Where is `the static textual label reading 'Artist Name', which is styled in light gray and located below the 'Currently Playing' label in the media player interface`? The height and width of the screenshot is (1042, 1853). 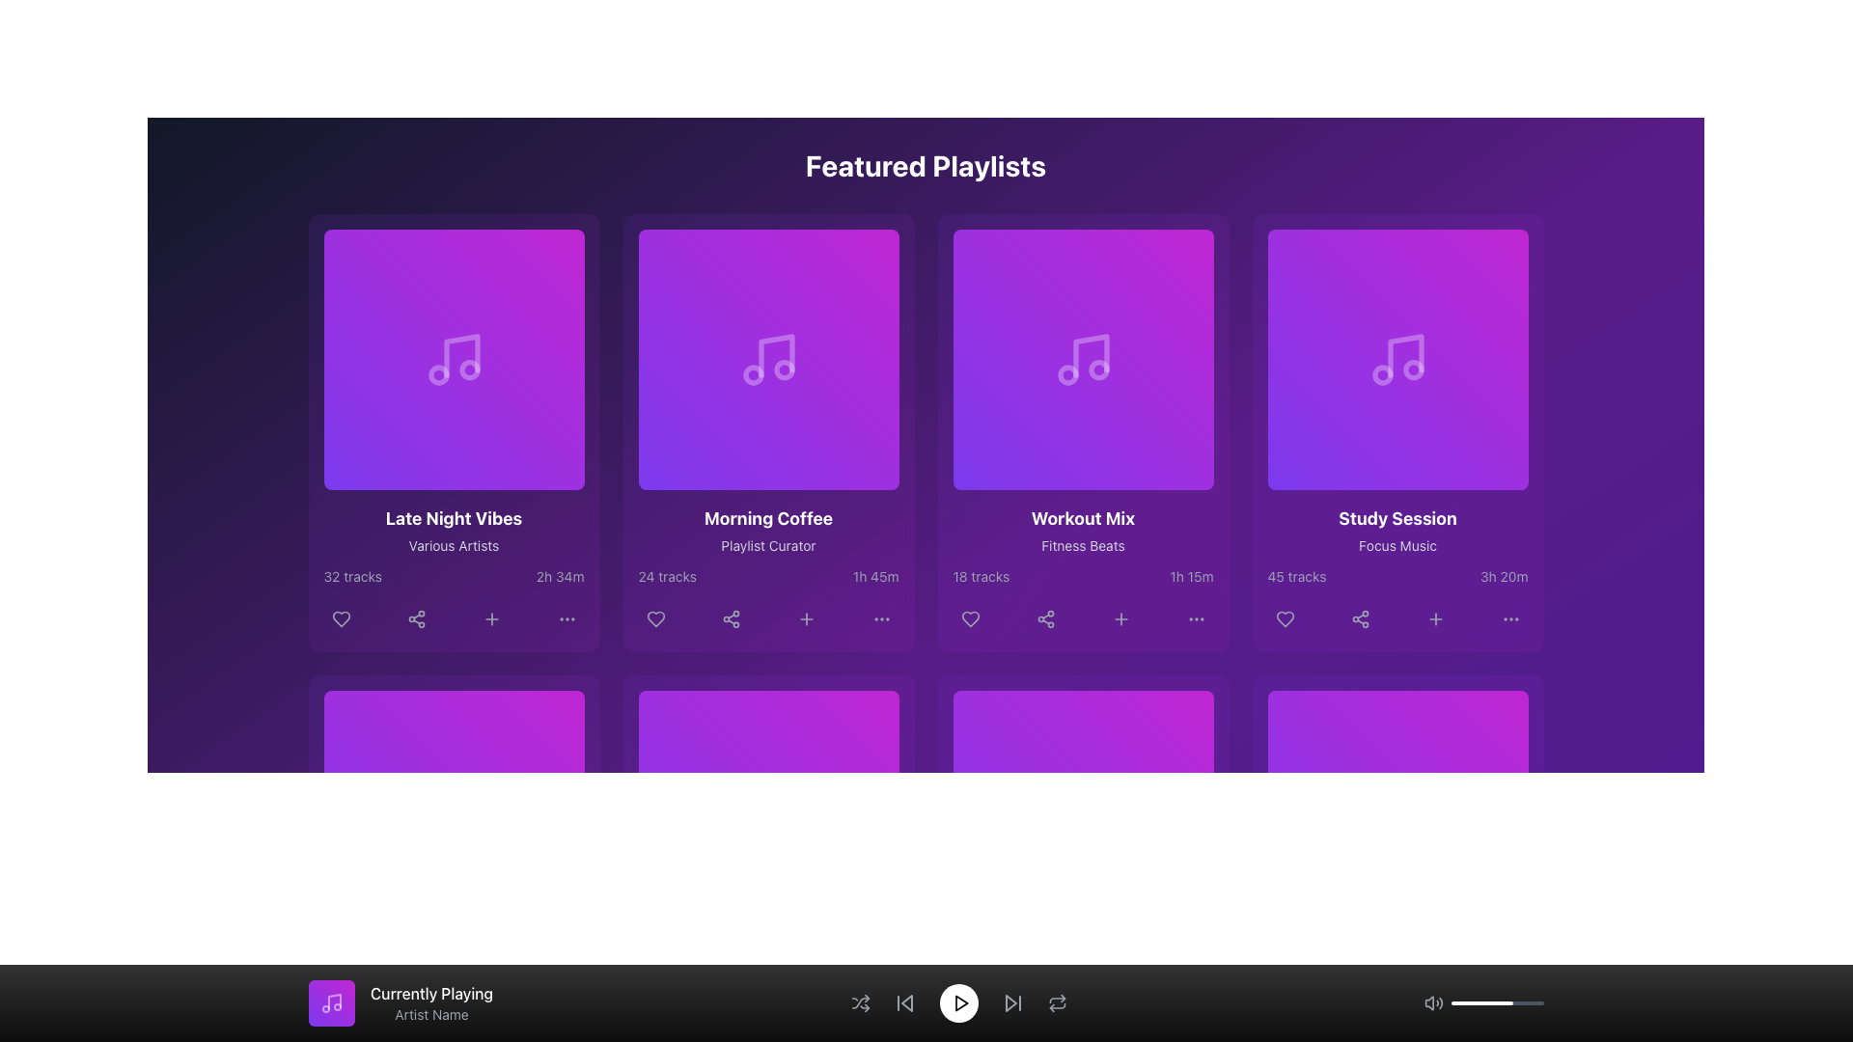
the static textual label reading 'Artist Name', which is styled in light gray and located below the 'Currently Playing' label in the media player interface is located at coordinates (430, 1014).